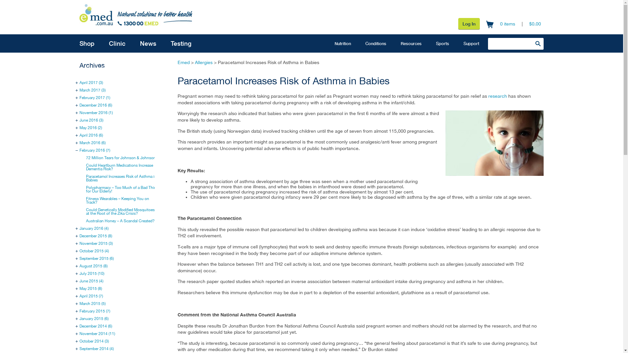 Image resolution: width=628 pixels, height=353 pixels. What do you see at coordinates (91, 281) in the screenshot?
I see `'June 2015 (4)'` at bounding box center [91, 281].